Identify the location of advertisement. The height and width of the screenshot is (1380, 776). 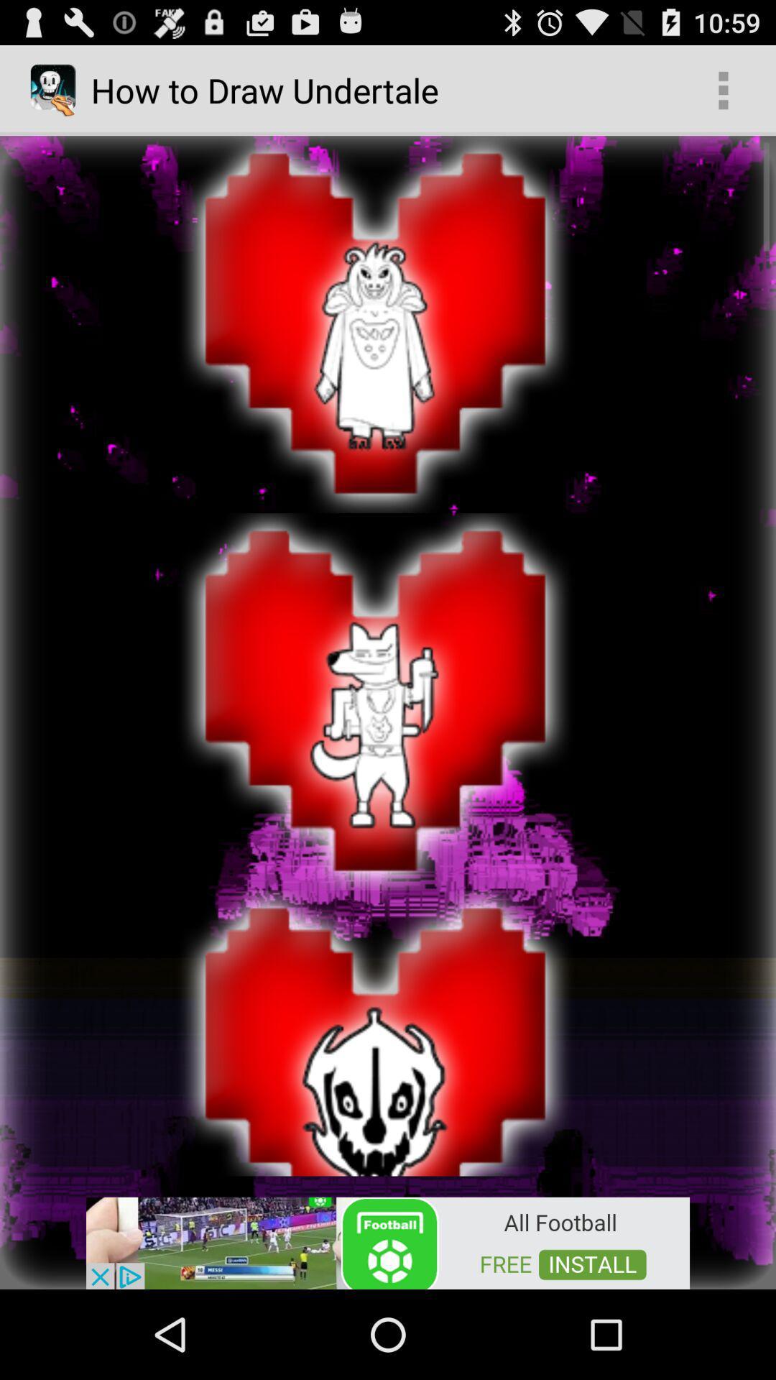
(388, 1241).